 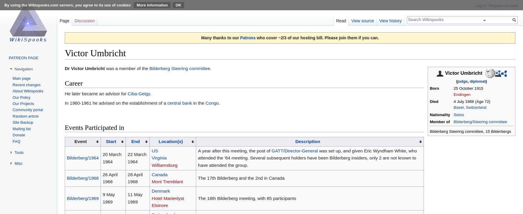 What do you see at coordinates (74, 83) in the screenshot?
I see `'Career'` at bounding box center [74, 83].